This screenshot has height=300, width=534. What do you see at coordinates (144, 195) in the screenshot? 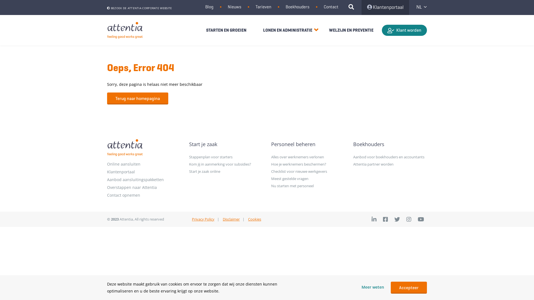
I see `'Contact opnemen'` at bounding box center [144, 195].